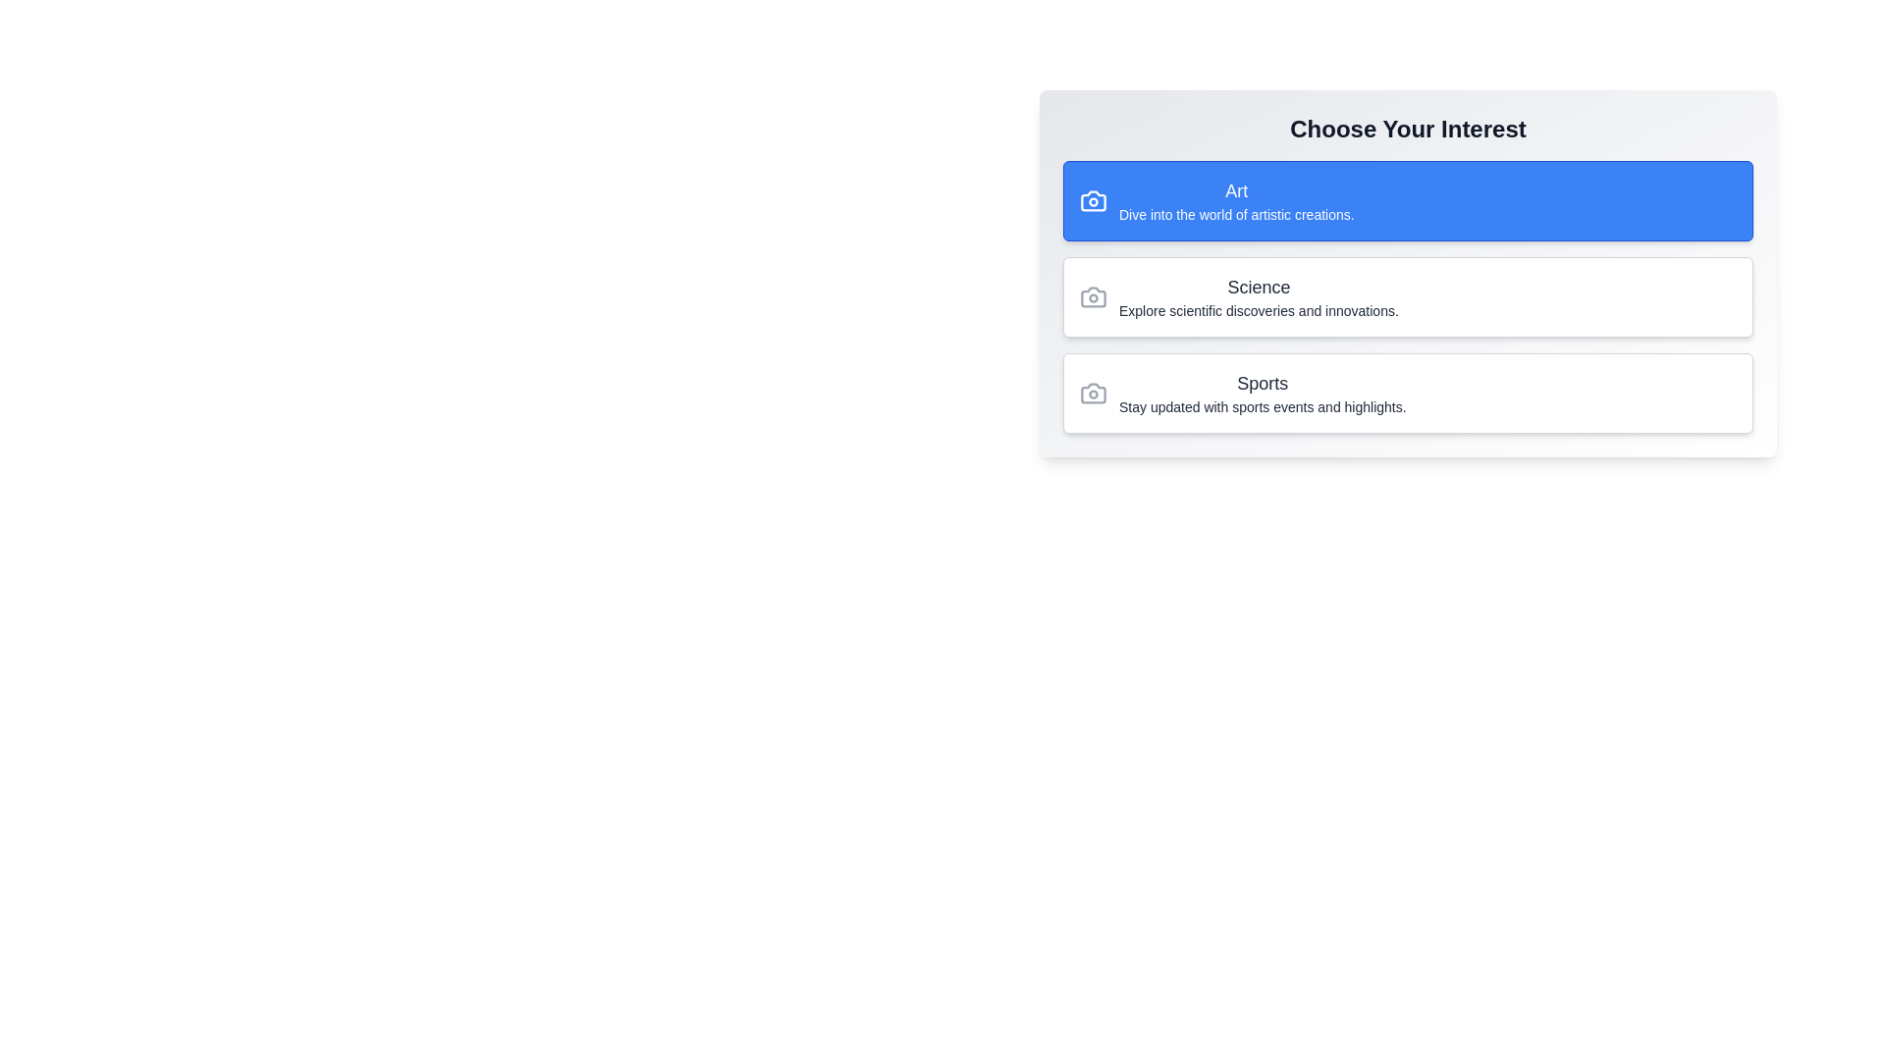 This screenshot has height=1060, width=1885. Describe the element at coordinates (1235, 191) in the screenshot. I see `the text label that serves as the title for the first selectable option in the list, which indicates the category 'Art'` at that location.